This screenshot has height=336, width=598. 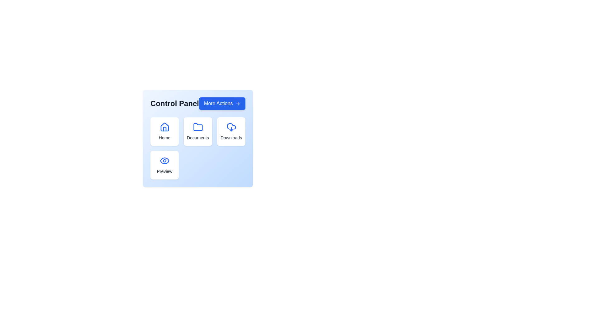 I want to click on the static text label displaying the word 'Preview', which is styled in a small-sized, medium-weight dark gray font and is located below an eye icon on an interactive card-like button, so click(x=164, y=171).